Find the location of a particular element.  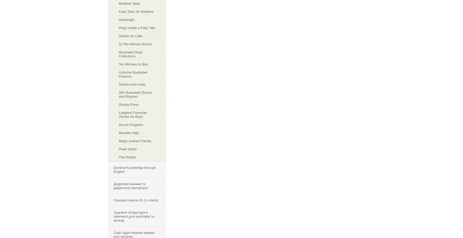

'365 Illustrated Stories and Rhymes' is located at coordinates (119, 94).